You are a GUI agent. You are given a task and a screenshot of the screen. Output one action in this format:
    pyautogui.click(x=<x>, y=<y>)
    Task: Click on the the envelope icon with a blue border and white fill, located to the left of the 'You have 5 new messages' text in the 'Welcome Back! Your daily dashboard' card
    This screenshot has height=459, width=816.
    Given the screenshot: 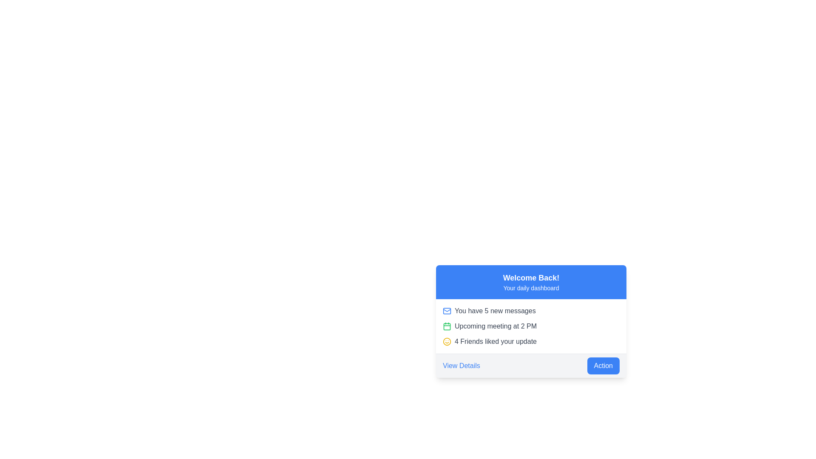 What is the action you would take?
    pyautogui.click(x=446, y=311)
    